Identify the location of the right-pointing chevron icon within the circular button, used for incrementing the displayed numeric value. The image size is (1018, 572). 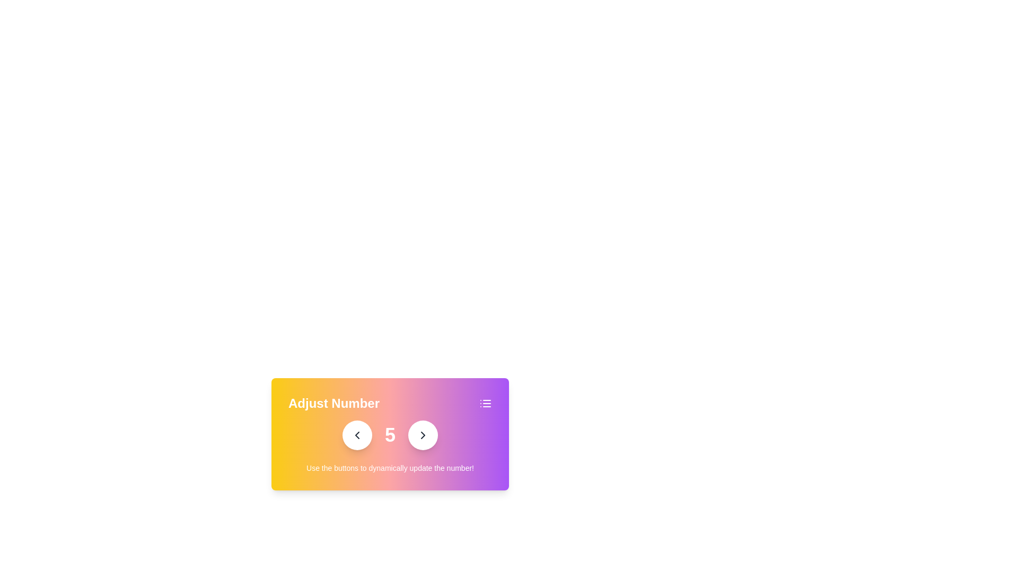
(422, 435).